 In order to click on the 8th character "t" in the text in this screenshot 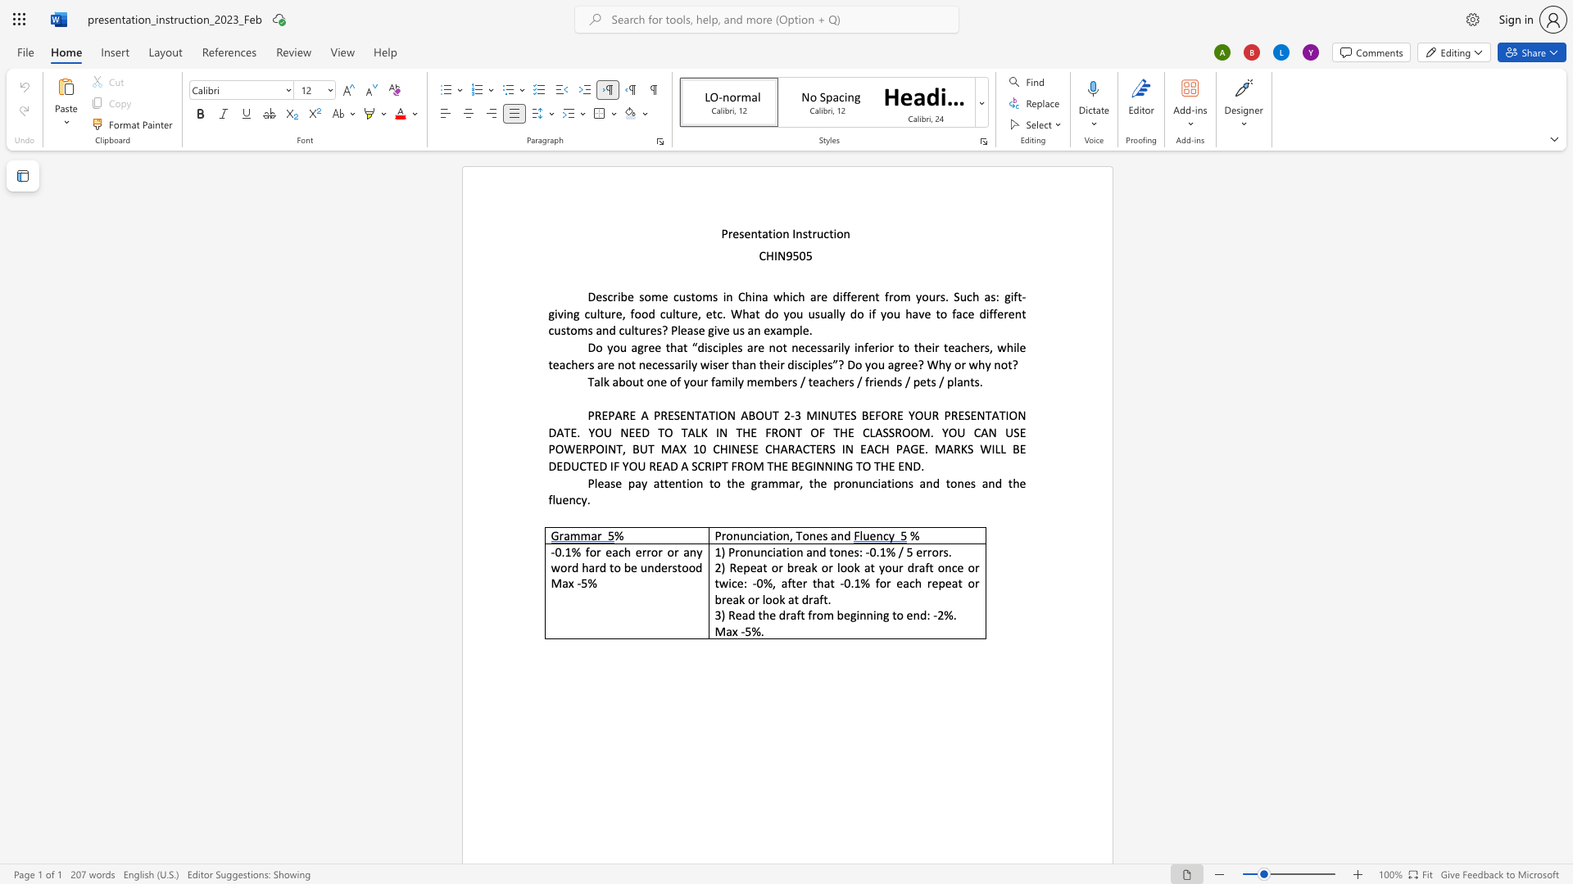, I will do `click(948, 482)`.